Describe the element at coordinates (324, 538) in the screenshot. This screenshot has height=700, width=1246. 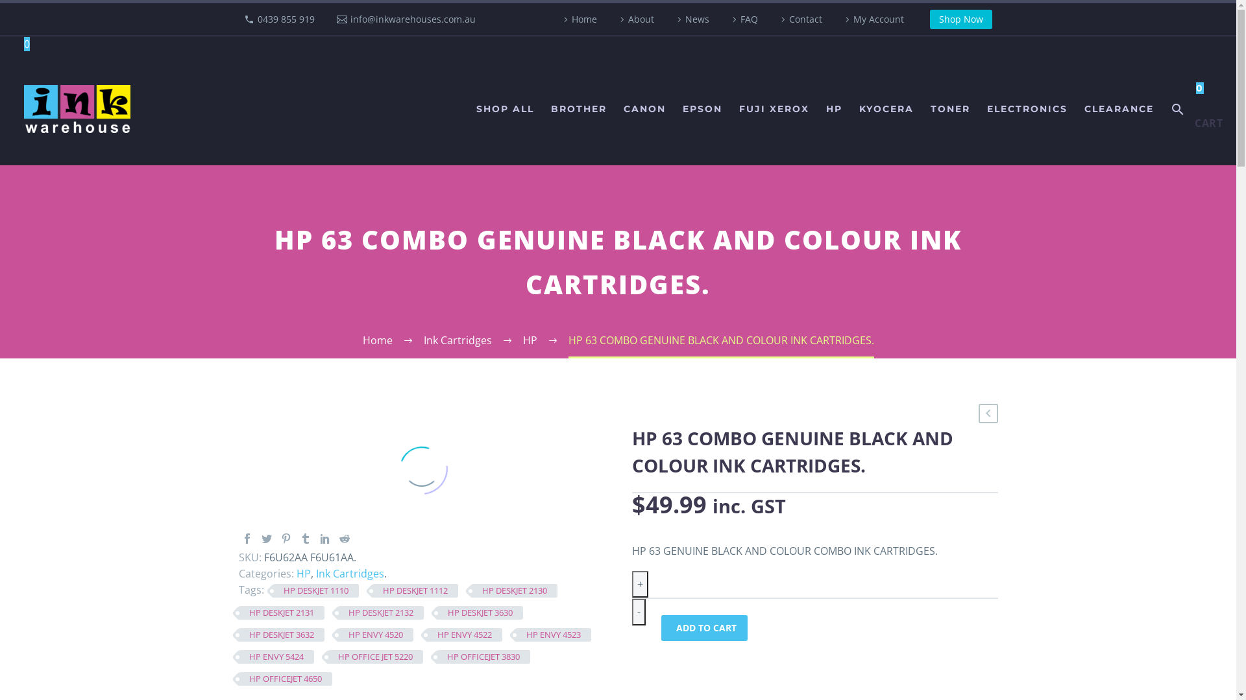
I see `'LinkedIn'` at that location.